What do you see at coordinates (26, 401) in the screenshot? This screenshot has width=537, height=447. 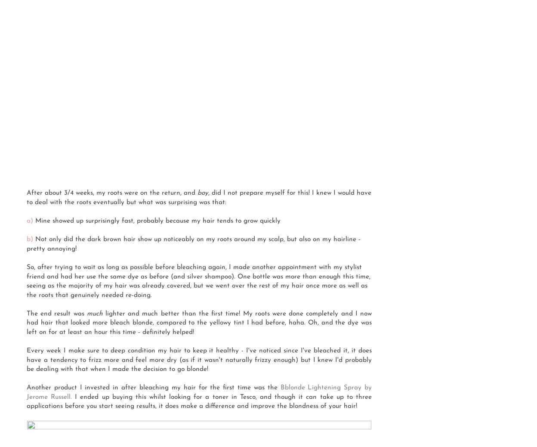 I see `'I ended up buying this whilst looking for a toner in Tesco, and though it can take up to three applications before you start seeing results, it does make a difference and improve the blondness of your hair!'` at bounding box center [26, 401].